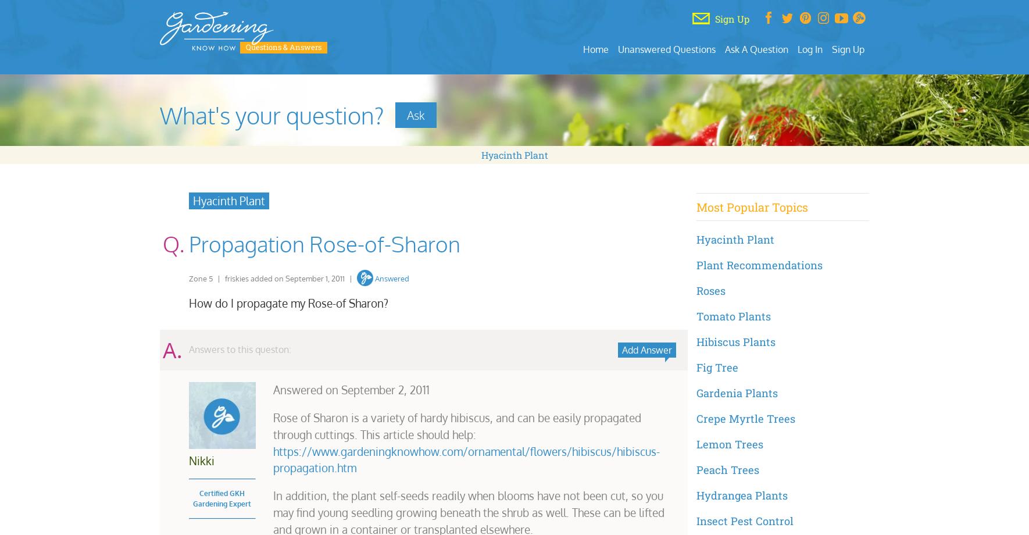 This screenshot has height=535, width=1029. Describe the element at coordinates (810, 48) in the screenshot. I see `'Log In'` at that location.